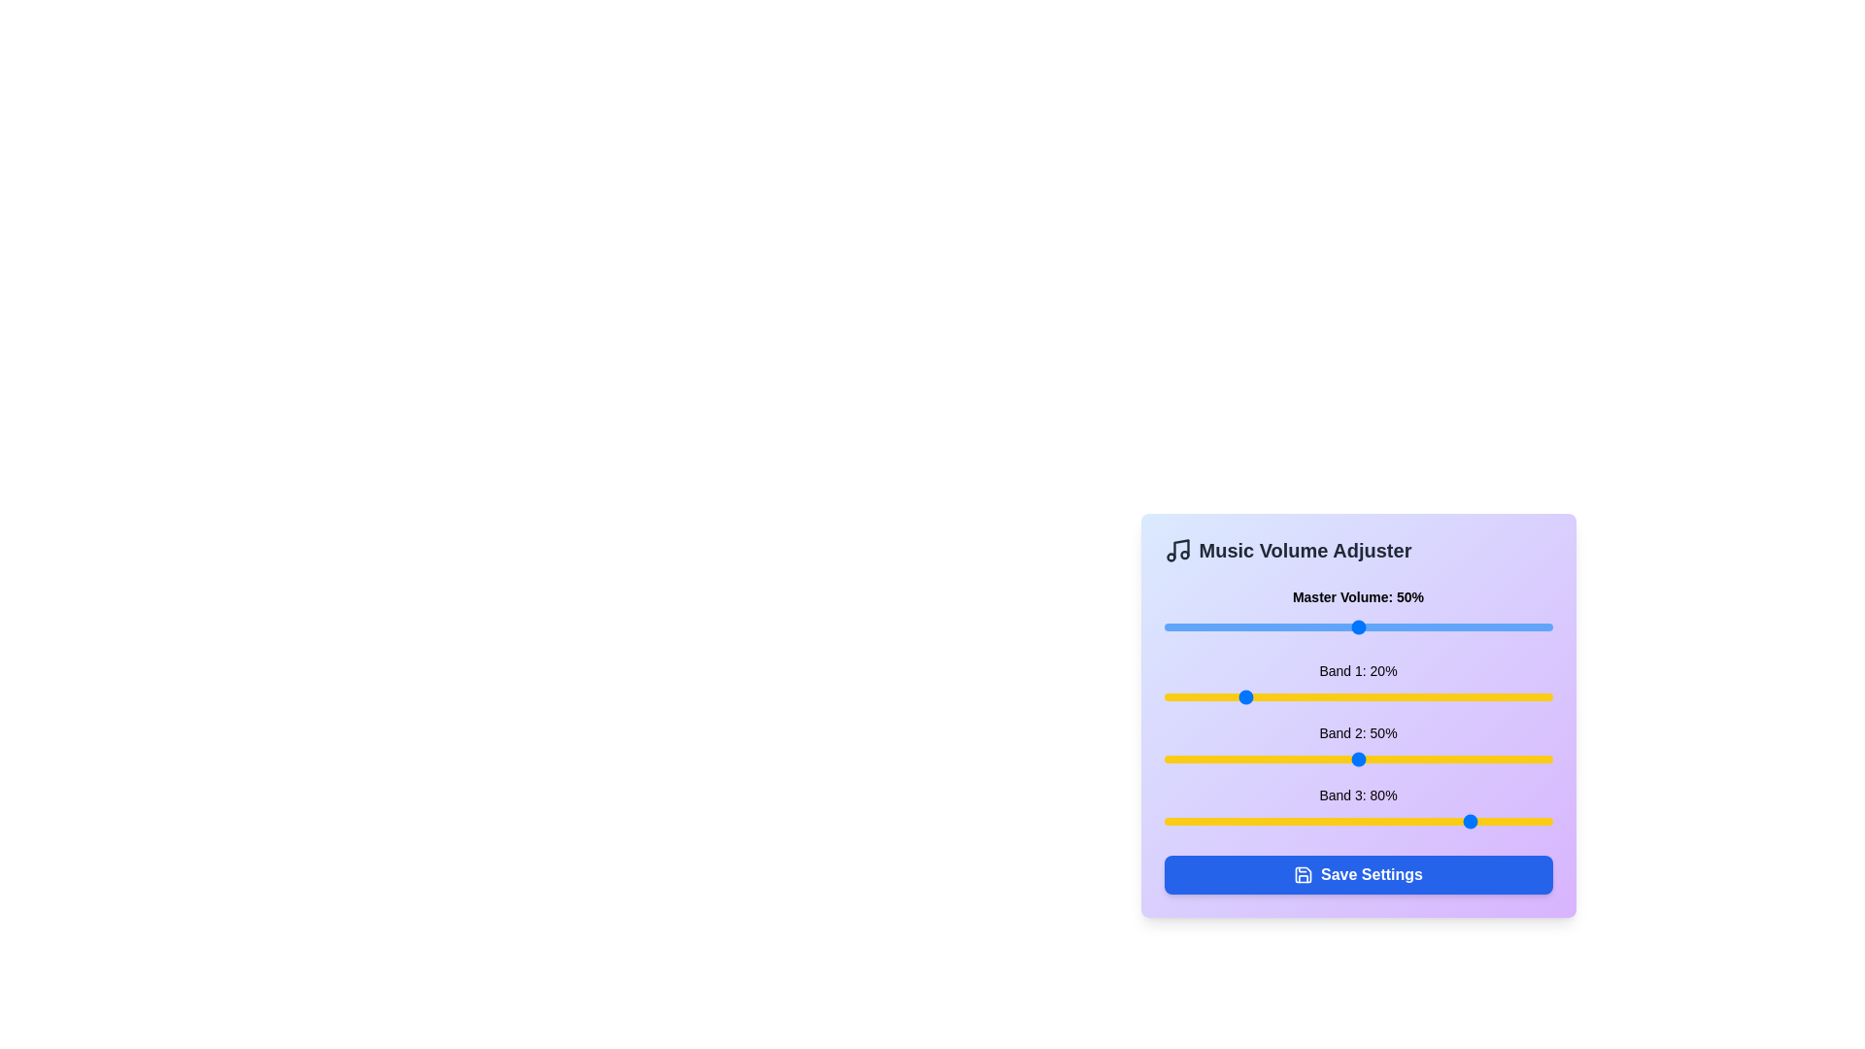 Image resolution: width=1865 pixels, height=1049 pixels. I want to click on the master volume, so click(1512, 626).